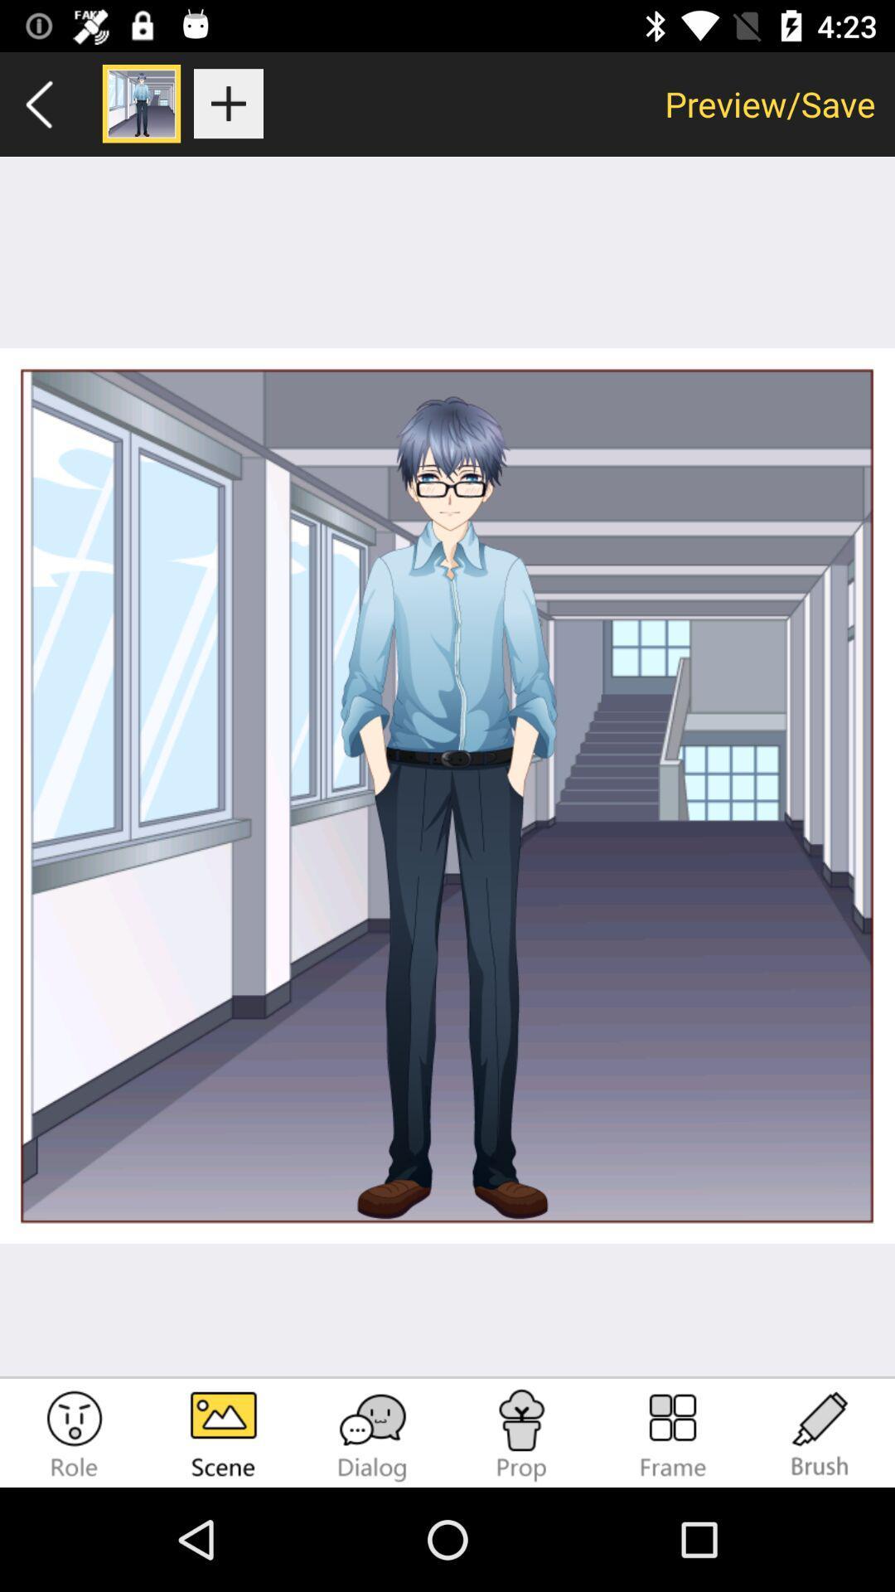 This screenshot has width=895, height=1592. What do you see at coordinates (671, 1434) in the screenshot?
I see `the date_range icon` at bounding box center [671, 1434].